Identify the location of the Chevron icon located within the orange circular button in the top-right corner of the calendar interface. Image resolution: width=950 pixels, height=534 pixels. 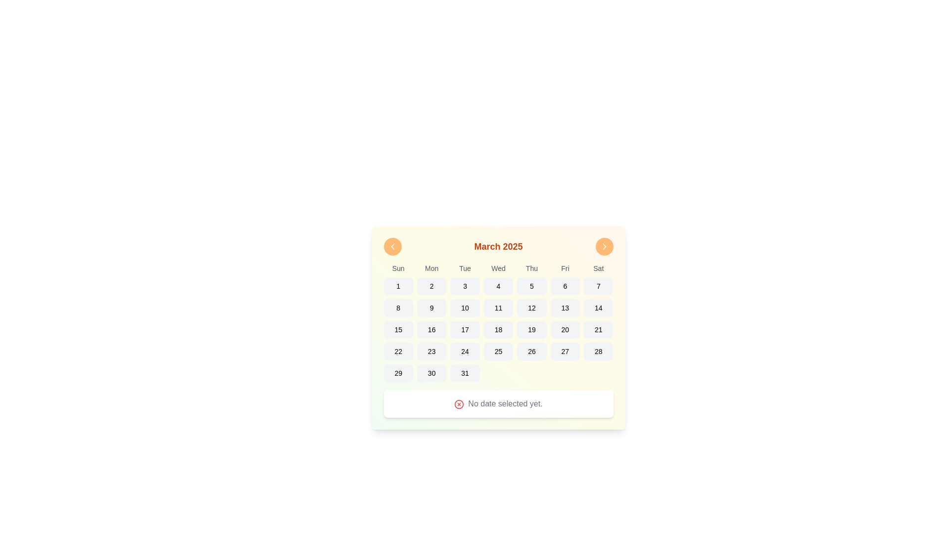
(604, 246).